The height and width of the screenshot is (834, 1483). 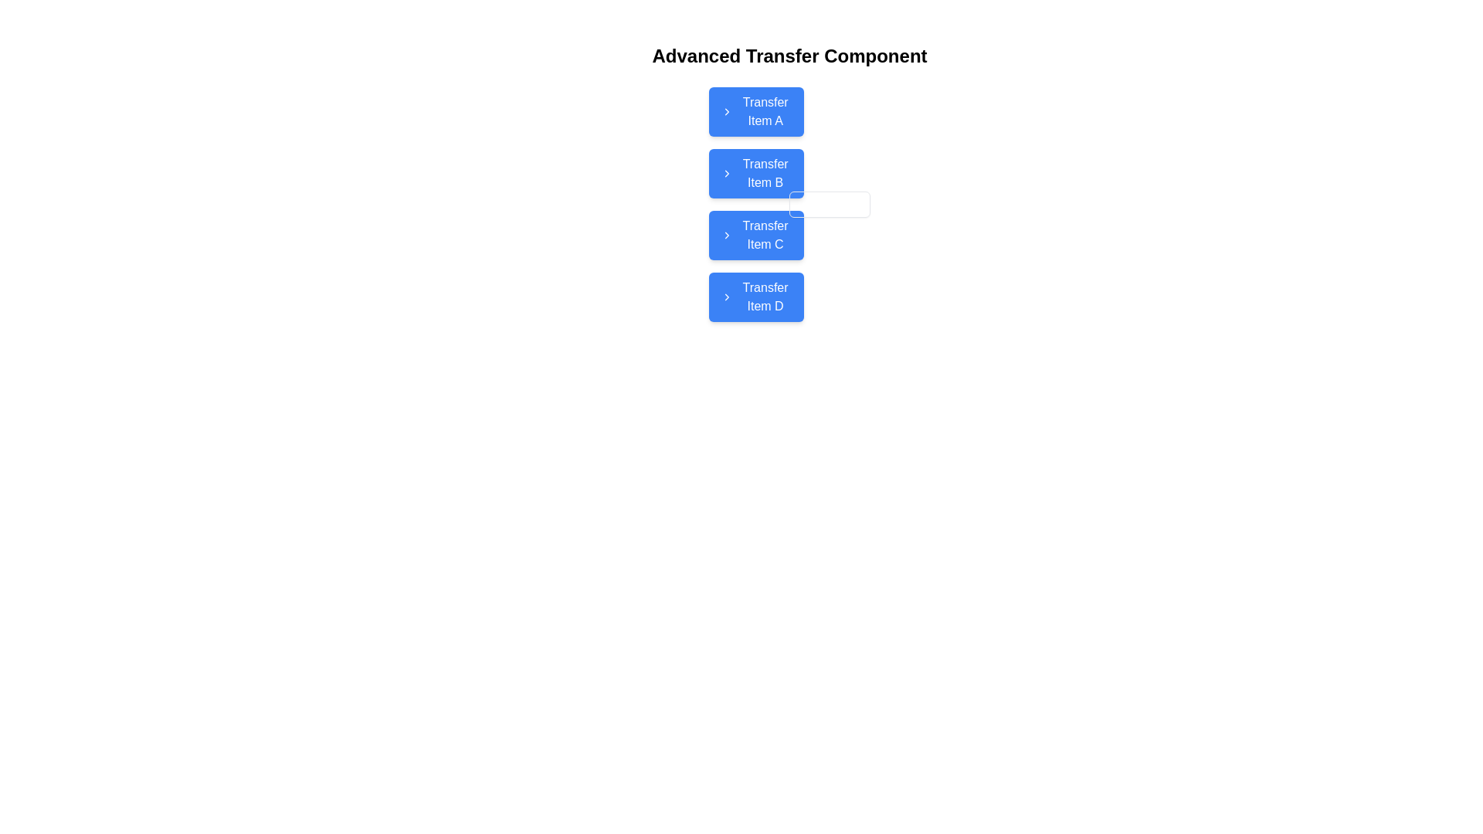 I want to click on the button labeled 'Transfer Item B', so click(x=789, y=204).